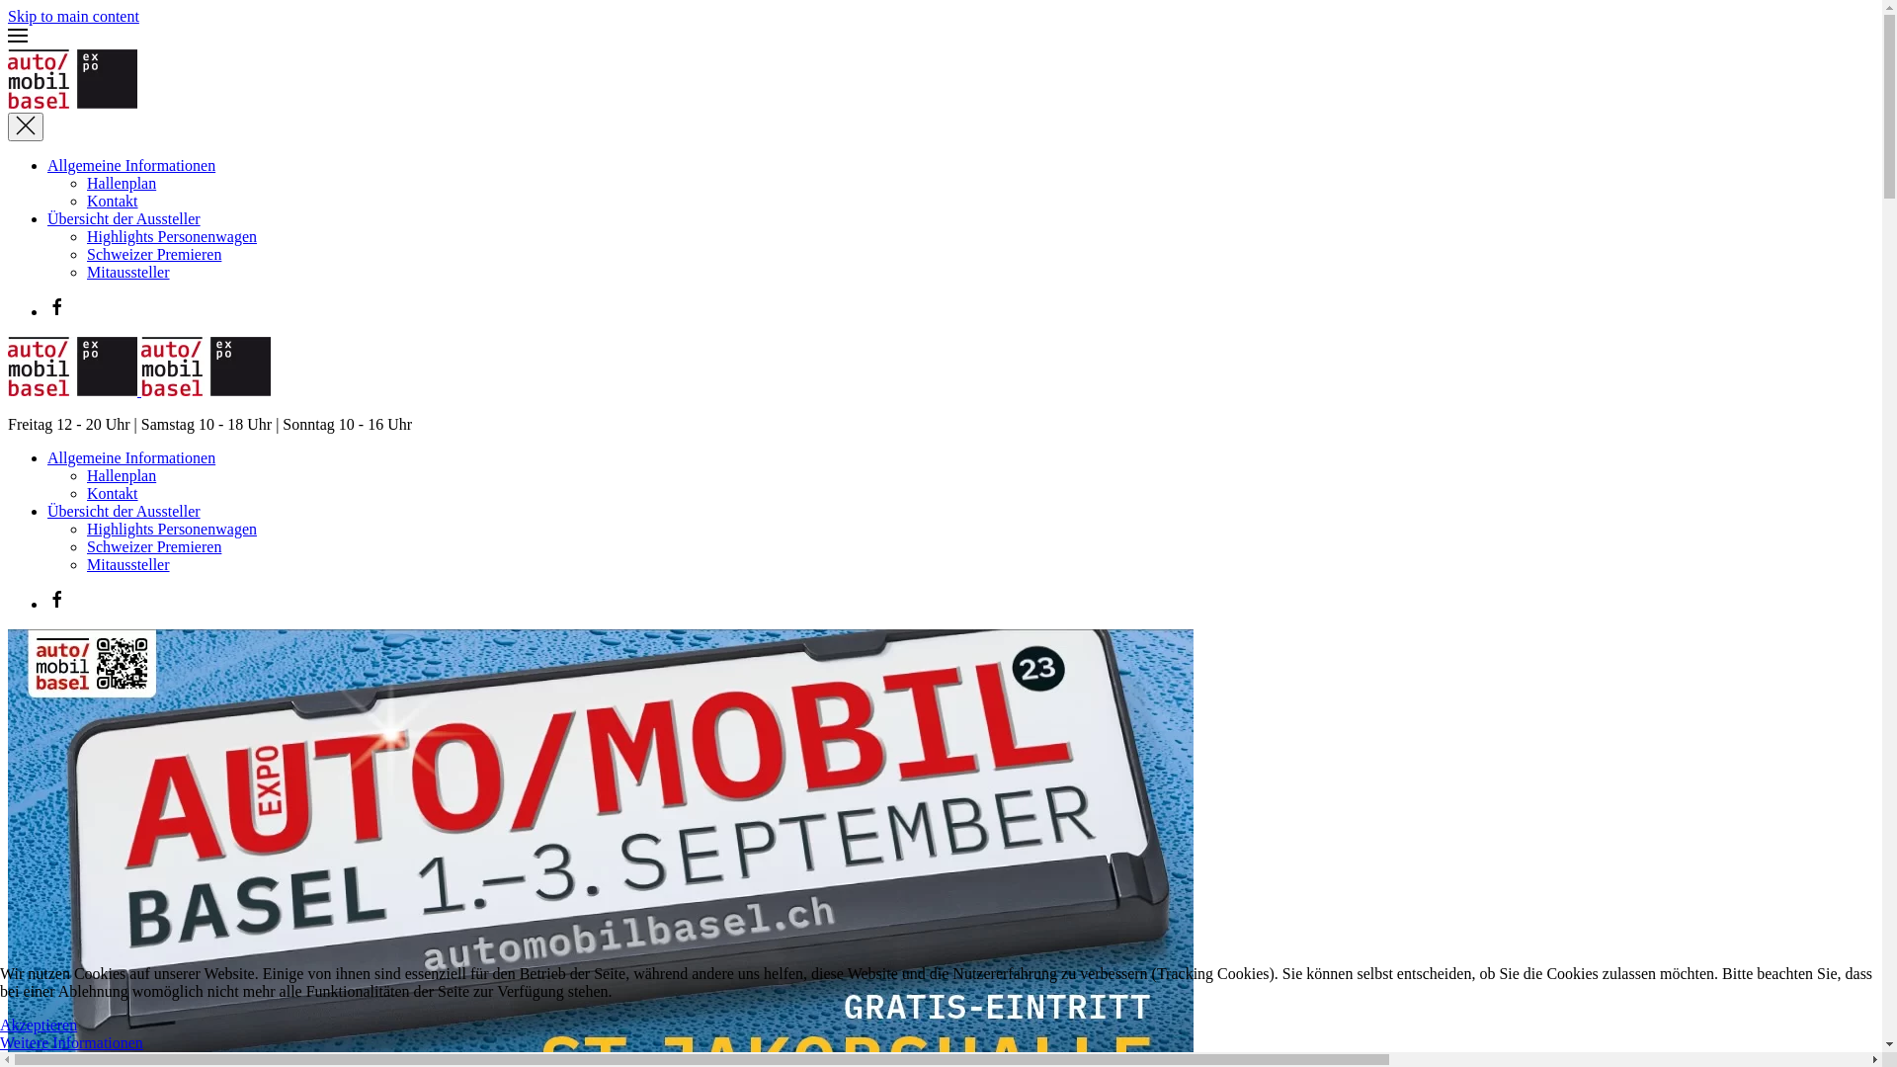 This screenshot has height=1067, width=1897. Describe the element at coordinates (126, 272) in the screenshot. I see `'Mitaussteller'` at that location.